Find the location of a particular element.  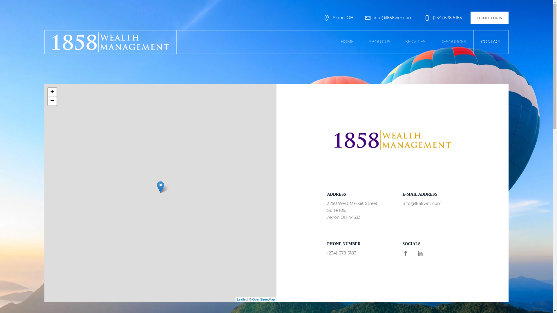

'ABOUT US' is located at coordinates (379, 42).